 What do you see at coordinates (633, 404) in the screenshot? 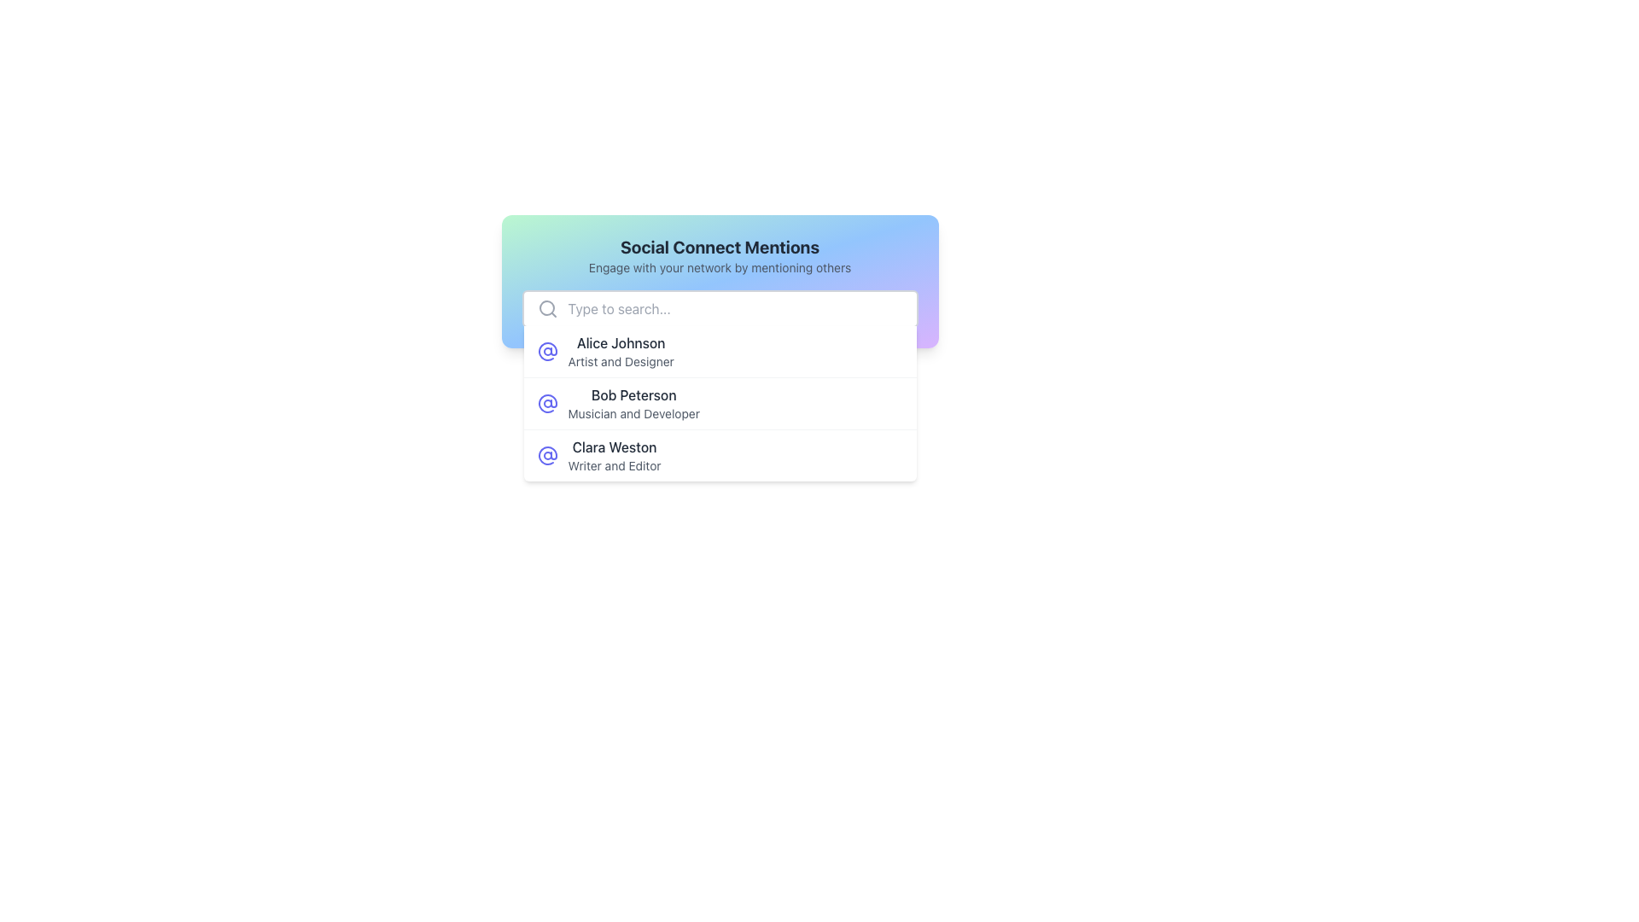
I see `the Text label that displays the name and profession of a user, located in the second row of a list-style design component, between an at-sign icon and blank space` at bounding box center [633, 404].